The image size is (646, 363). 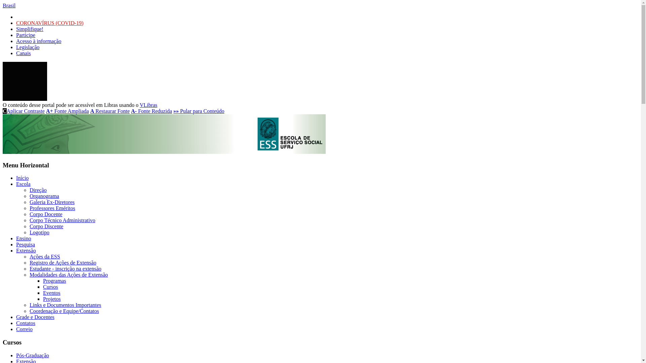 What do you see at coordinates (110, 111) in the screenshot?
I see `'A Restaurar Fonte'` at bounding box center [110, 111].